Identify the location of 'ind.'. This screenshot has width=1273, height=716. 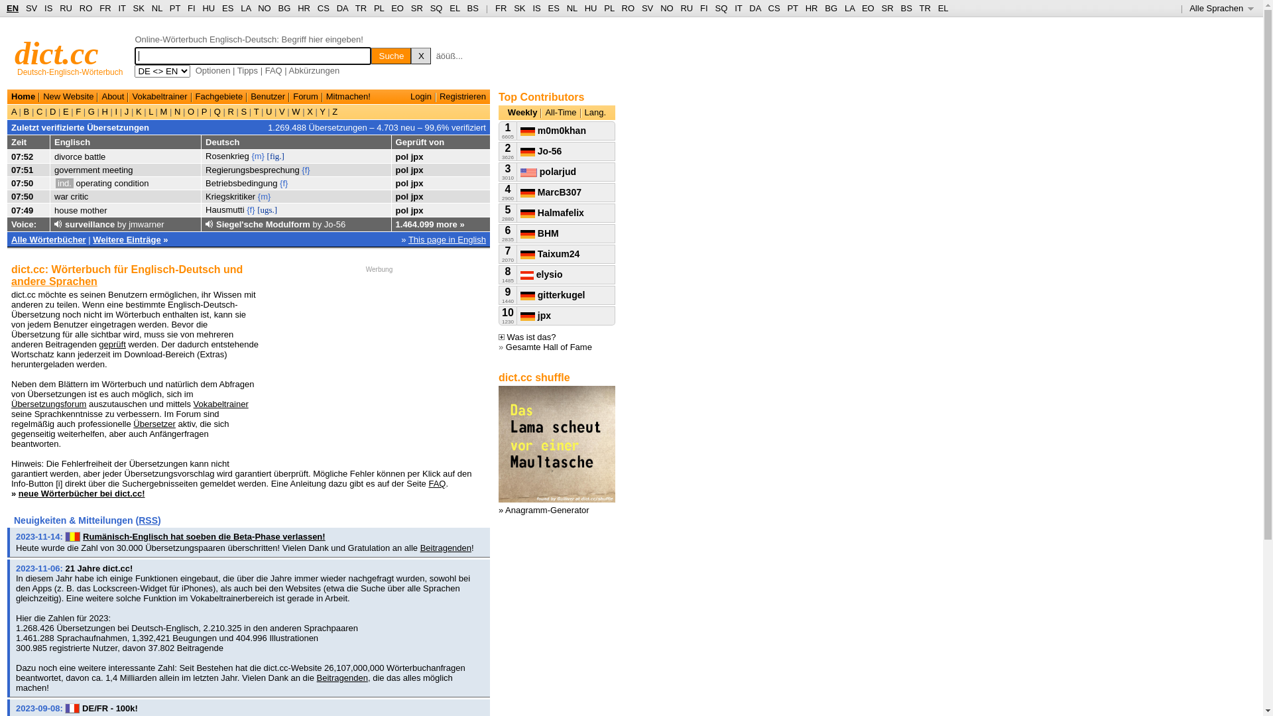
(64, 183).